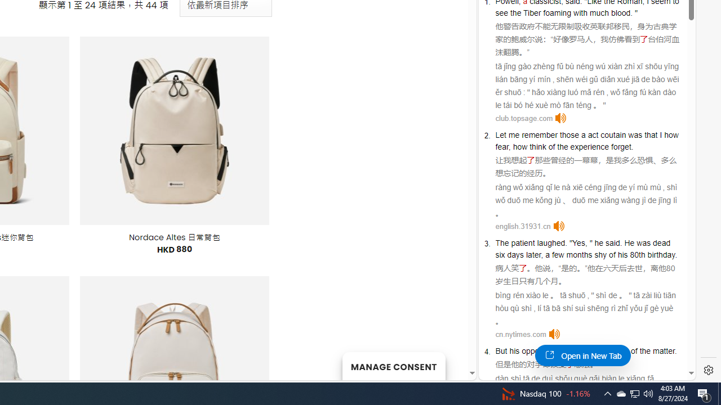  Describe the element at coordinates (551, 242) in the screenshot. I see `'laughed'` at that location.